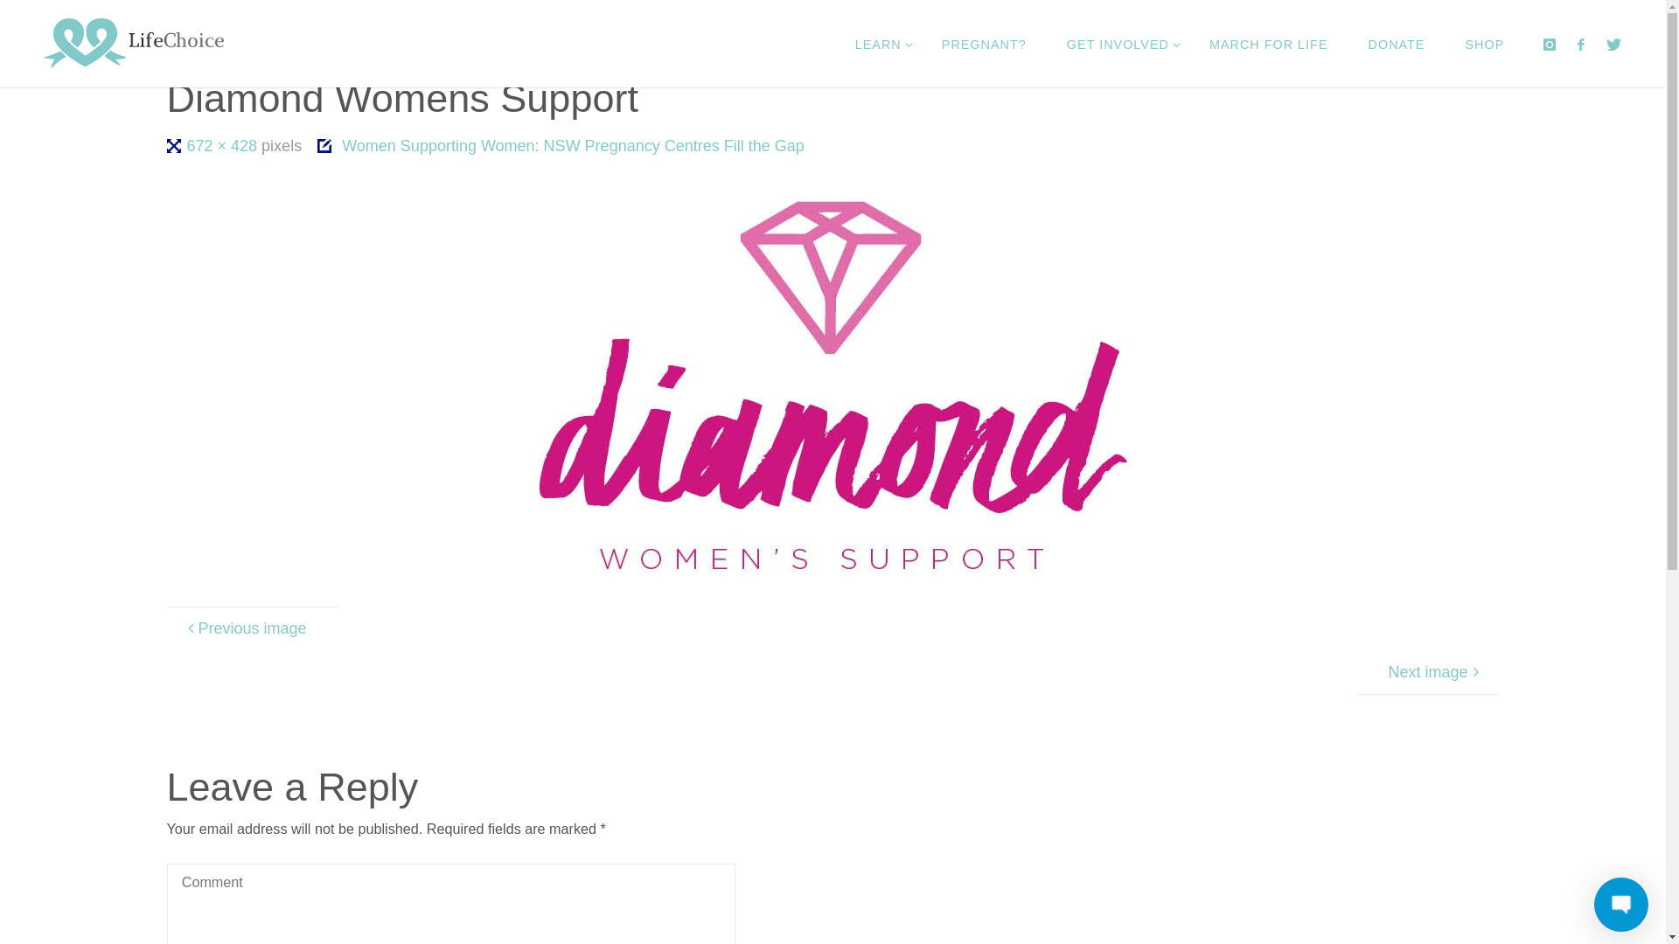 This screenshot has height=944, width=1679. I want to click on 'Women Supporting Women: NSW Pregnancy Centres Fill the Gap', so click(473, 110).